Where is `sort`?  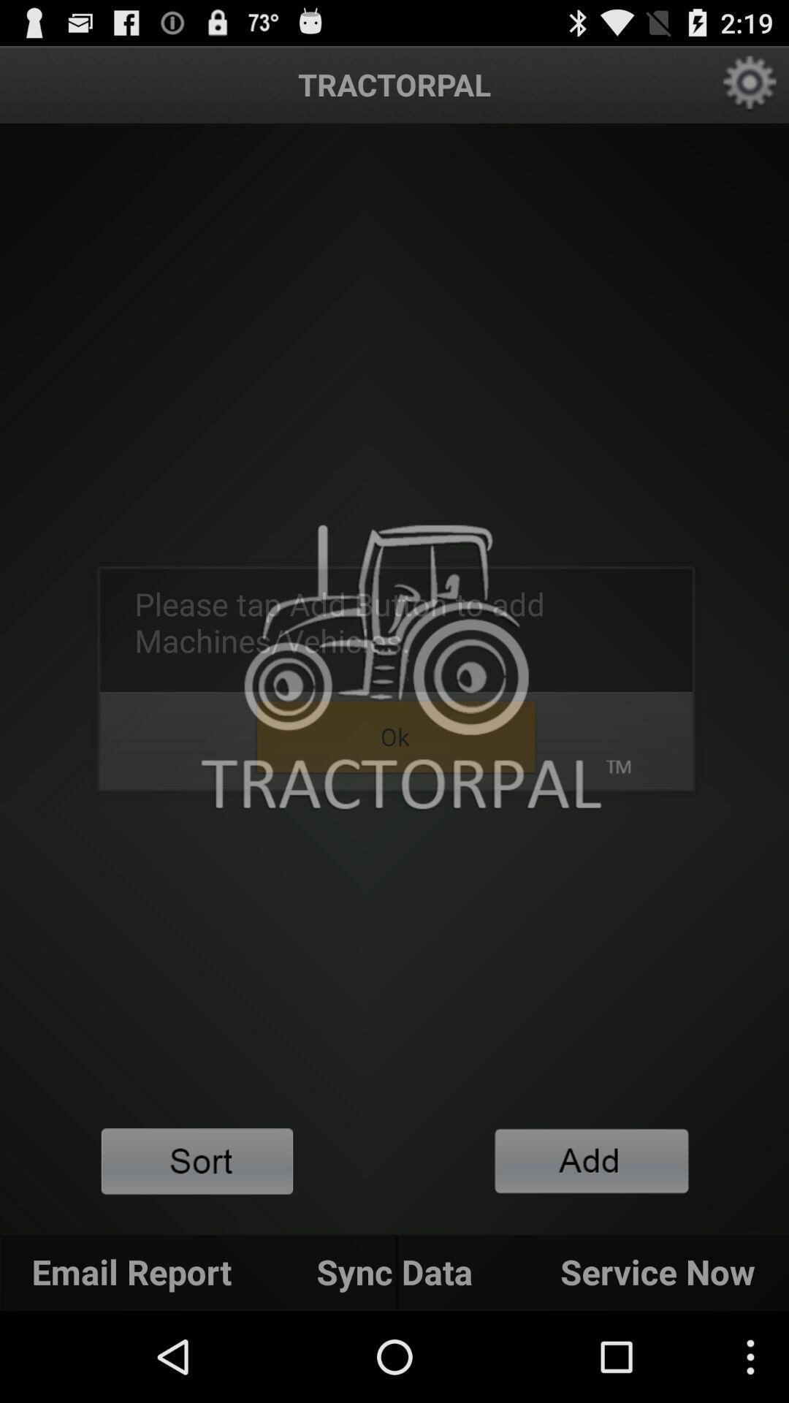 sort is located at coordinates (197, 1160).